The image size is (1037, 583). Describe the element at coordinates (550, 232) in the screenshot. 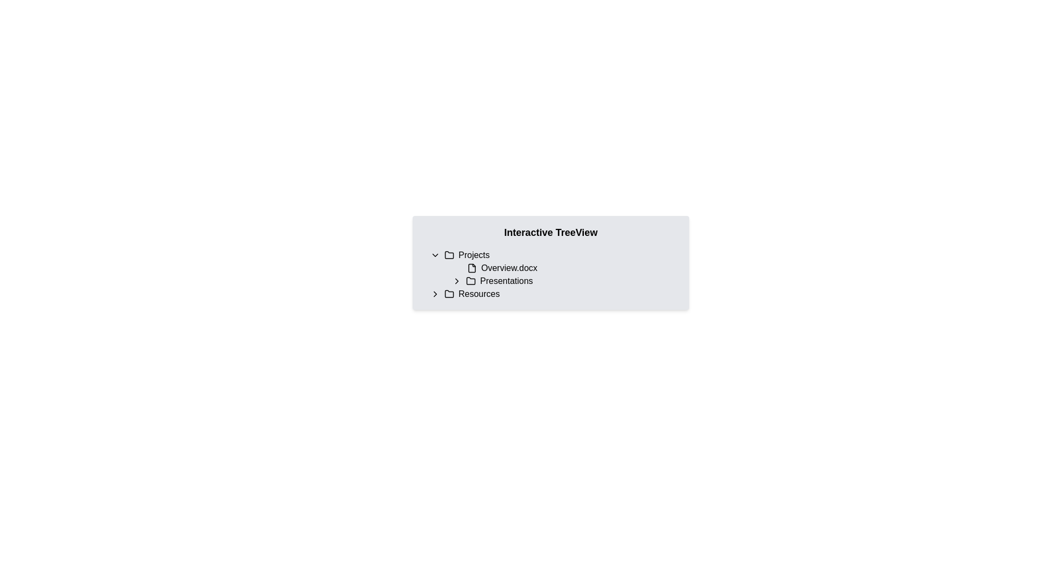

I see `the static text element that serves as a title or header for the tree view structure, positioned centrally above the listed items` at that location.